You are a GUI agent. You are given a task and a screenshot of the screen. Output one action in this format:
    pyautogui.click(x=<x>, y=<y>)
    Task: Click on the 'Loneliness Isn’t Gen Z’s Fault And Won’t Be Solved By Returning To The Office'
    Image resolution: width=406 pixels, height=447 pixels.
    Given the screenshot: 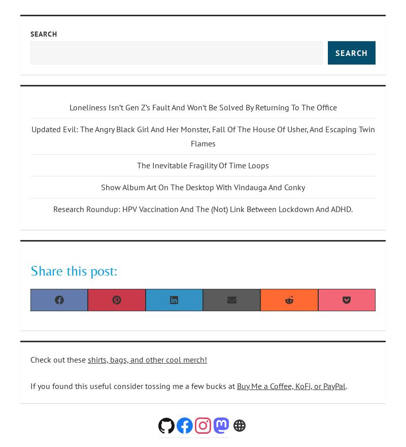 What is the action you would take?
    pyautogui.click(x=202, y=106)
    